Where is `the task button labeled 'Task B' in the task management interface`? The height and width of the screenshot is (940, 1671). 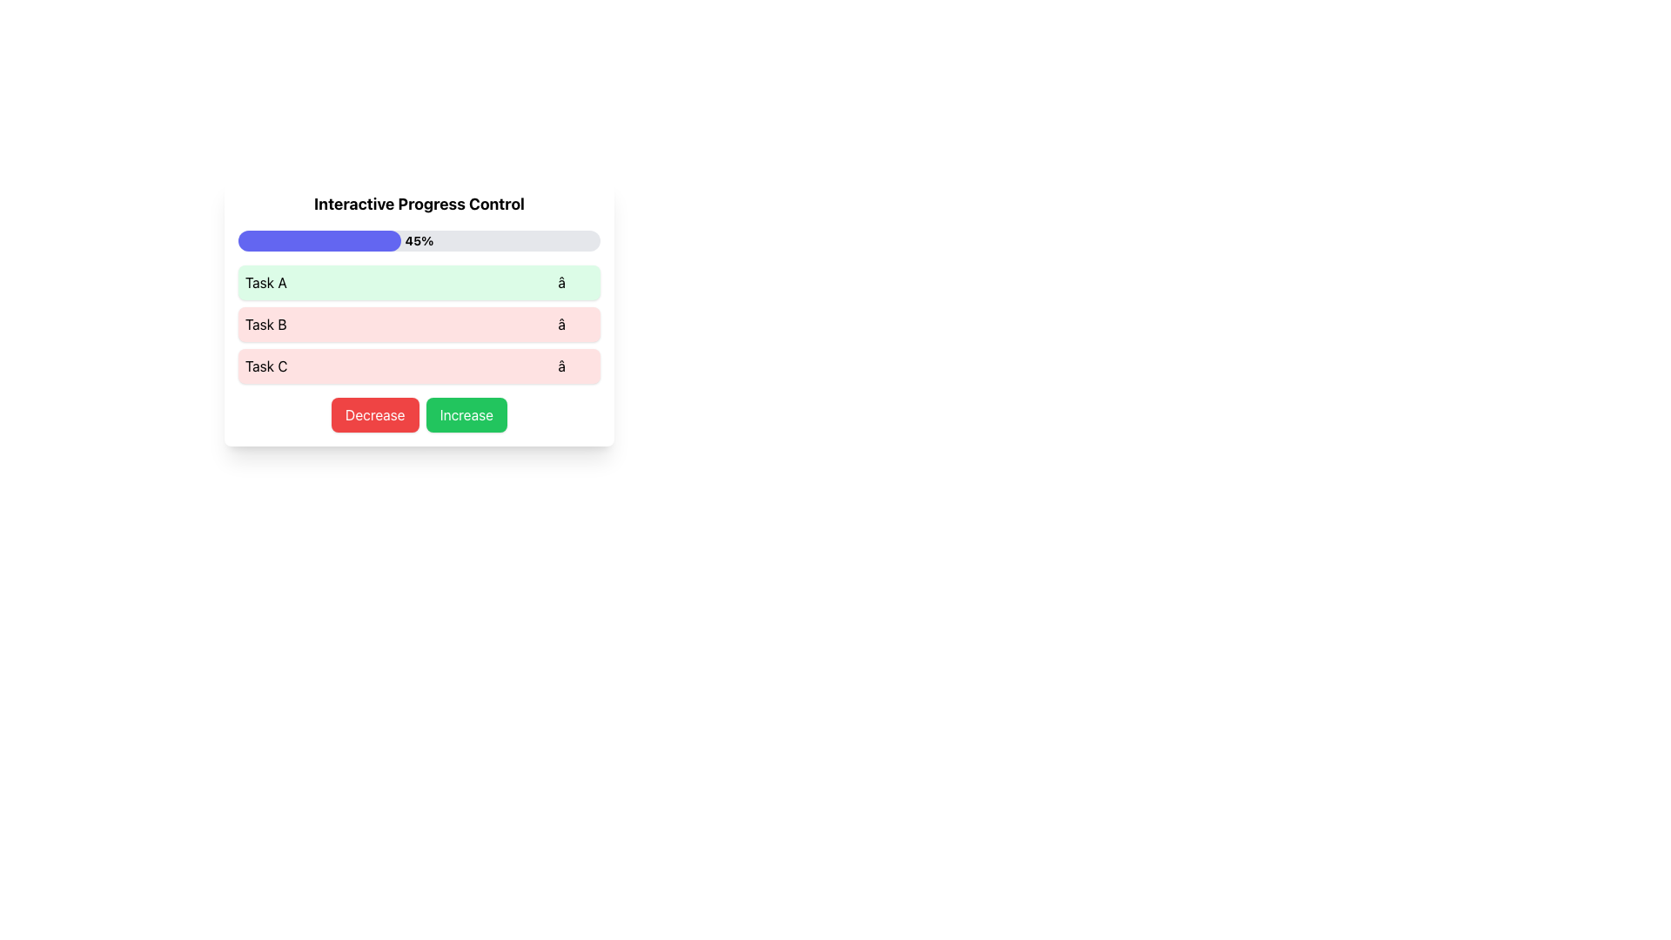 the task button labeled 'Task B' in the task management interface is located at coordinates (419, 325).